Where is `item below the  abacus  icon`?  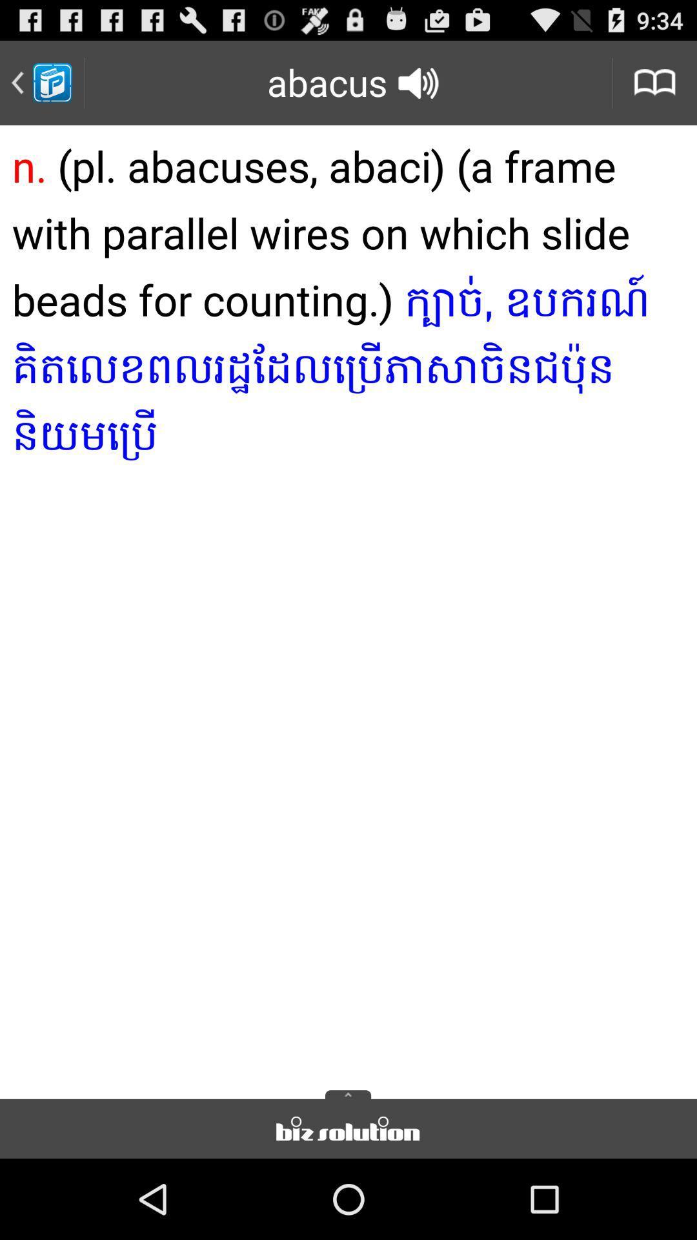 item below the  abacus  icon is located at coordinates (348, 607).